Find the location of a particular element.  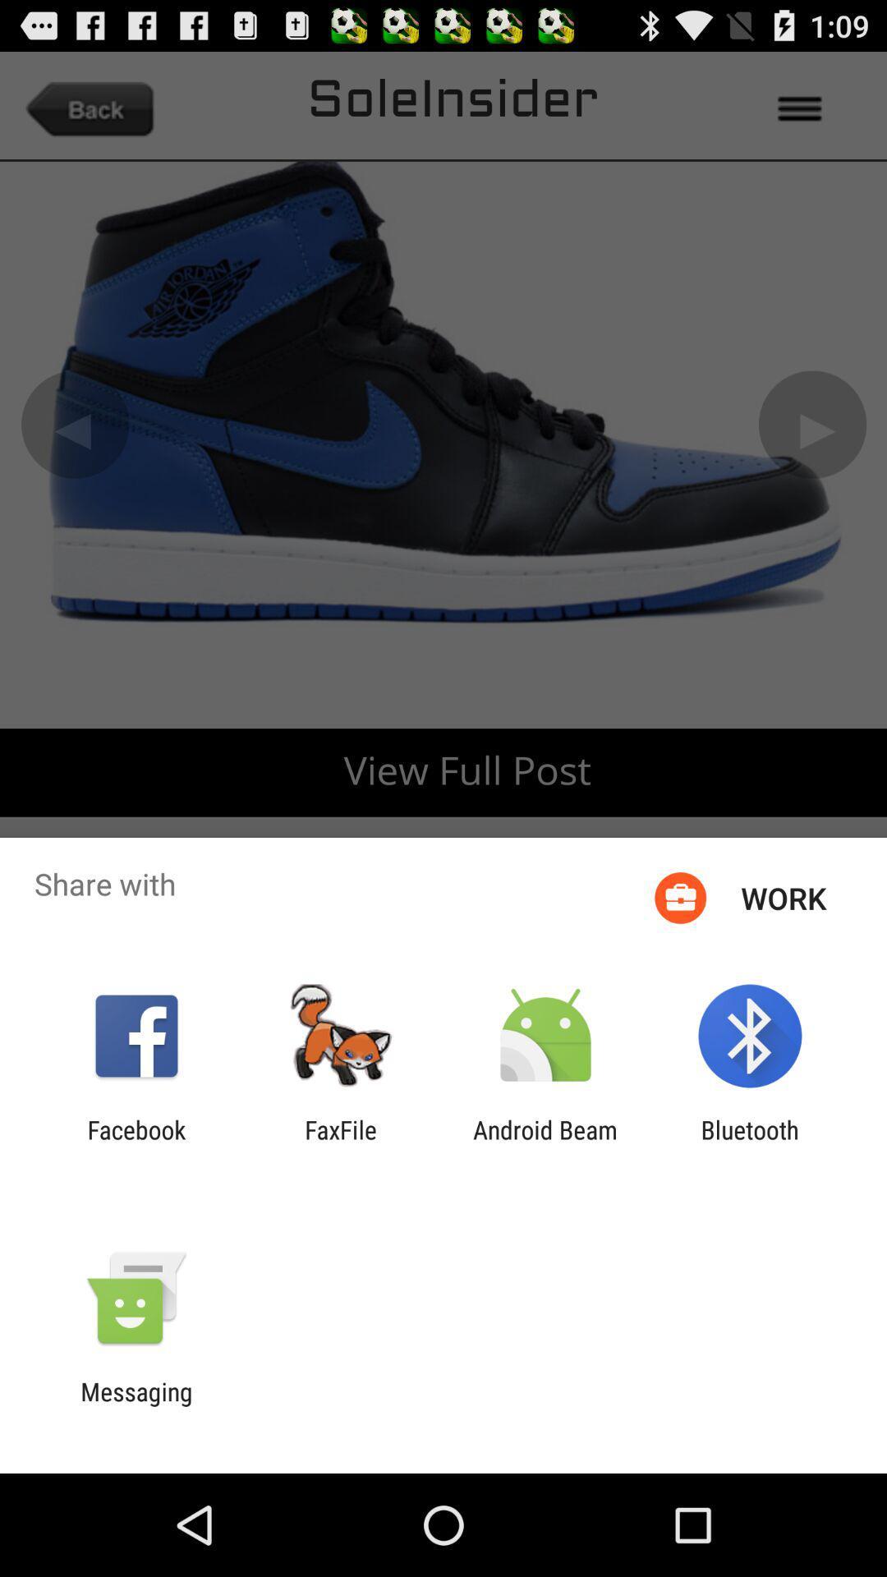

faxfile item is located at coordinates (340, 1143).